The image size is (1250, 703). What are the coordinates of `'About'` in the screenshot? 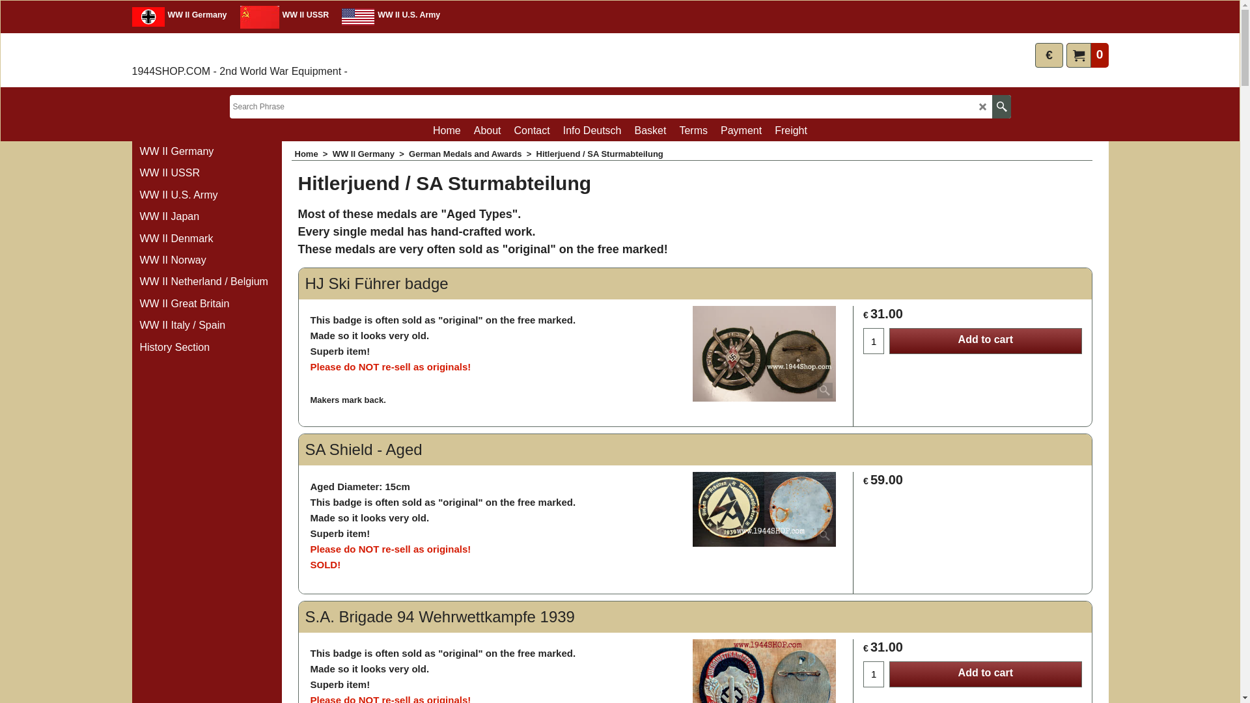 It's located at (486, 130).